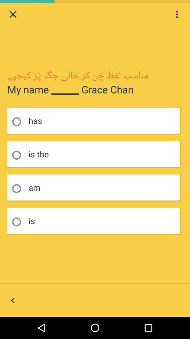  I want to click on check bubble, so click(19, 188).